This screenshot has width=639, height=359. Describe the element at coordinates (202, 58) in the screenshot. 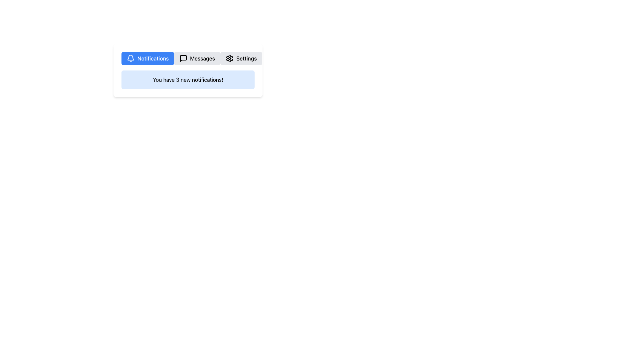

I see `the Text Label next to the speech bubble icon in the navigation bar to trigger a tooltip or visual feedback` at that location.